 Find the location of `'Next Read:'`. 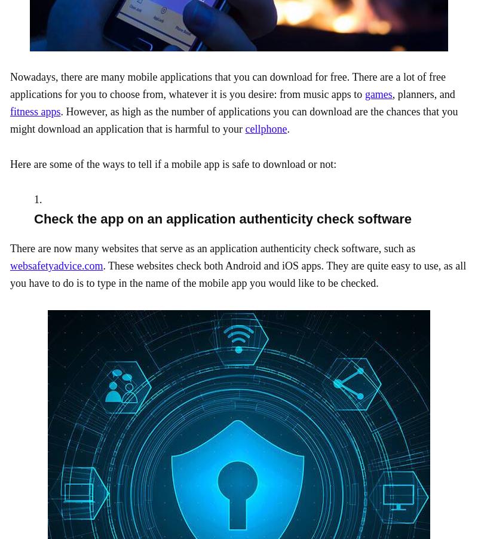

'Next Read:' is located at coordinates (32, 363).